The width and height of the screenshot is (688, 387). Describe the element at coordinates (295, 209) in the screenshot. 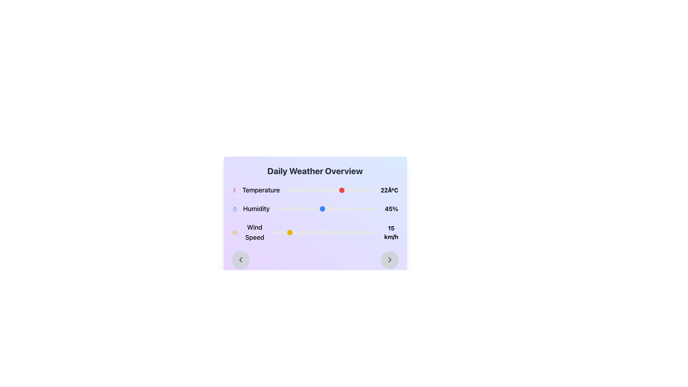

I see `humidity` at that location.